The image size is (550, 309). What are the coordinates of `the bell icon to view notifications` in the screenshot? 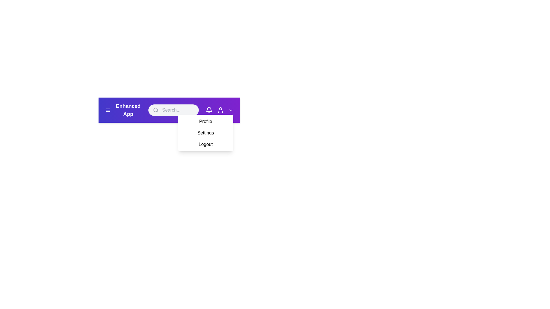 It's located at (209, 110).